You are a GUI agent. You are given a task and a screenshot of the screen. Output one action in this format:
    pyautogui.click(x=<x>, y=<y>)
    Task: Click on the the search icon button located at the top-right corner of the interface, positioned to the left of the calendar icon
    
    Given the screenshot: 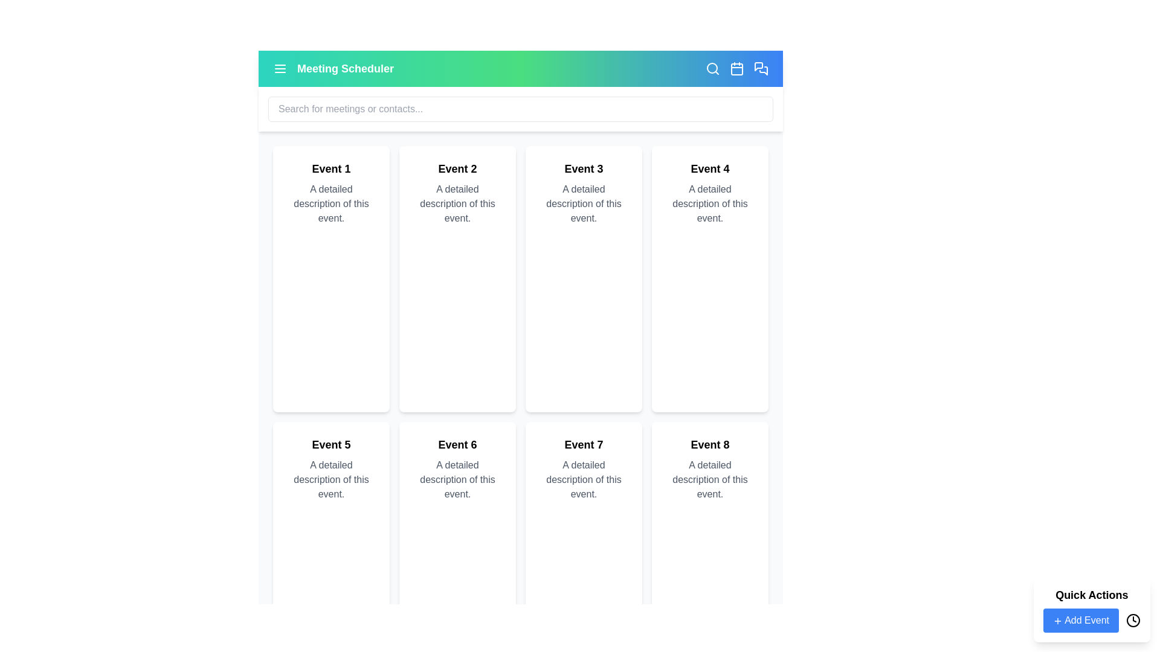 What is the action you would take?
    pyautogui.click(x=713, y=69)
    